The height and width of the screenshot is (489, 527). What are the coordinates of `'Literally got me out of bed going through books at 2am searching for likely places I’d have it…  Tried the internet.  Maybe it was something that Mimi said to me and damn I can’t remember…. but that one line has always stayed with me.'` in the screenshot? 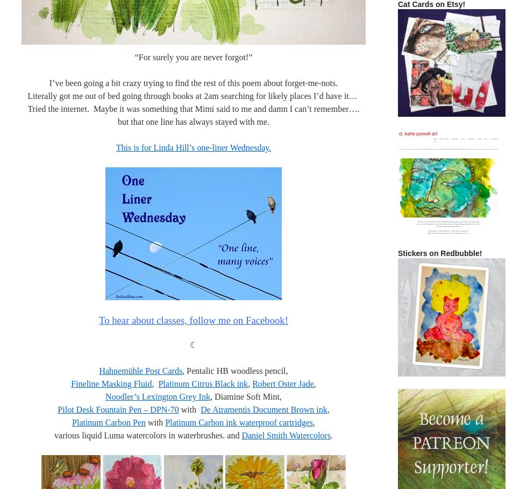 It's located at (193, 109).